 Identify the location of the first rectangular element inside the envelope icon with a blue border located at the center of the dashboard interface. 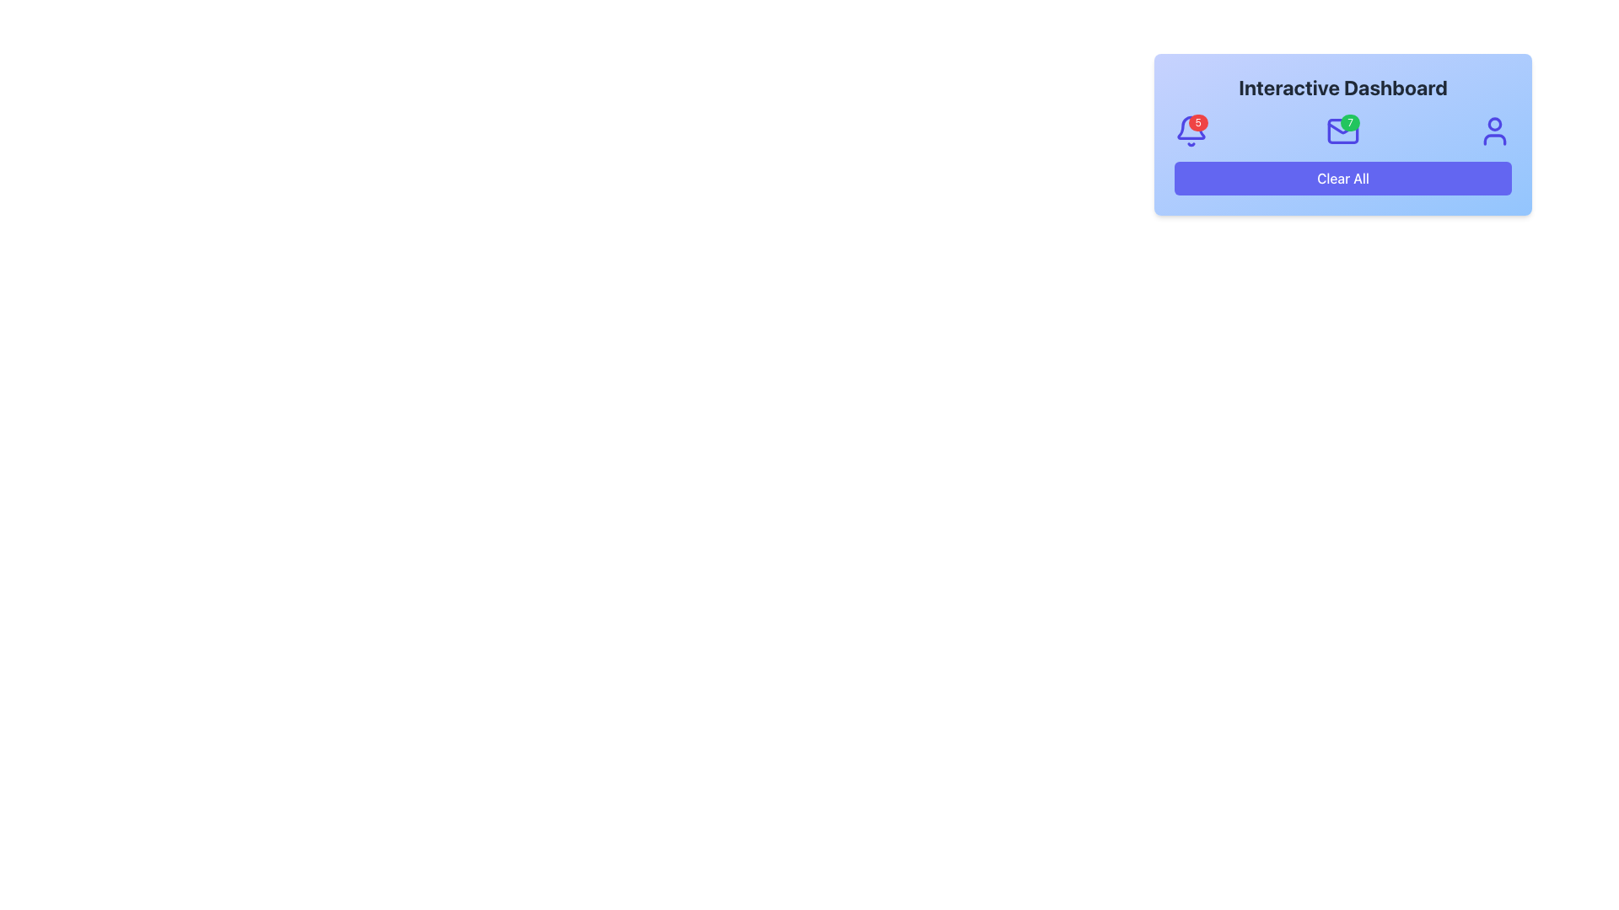
(1342, 130).